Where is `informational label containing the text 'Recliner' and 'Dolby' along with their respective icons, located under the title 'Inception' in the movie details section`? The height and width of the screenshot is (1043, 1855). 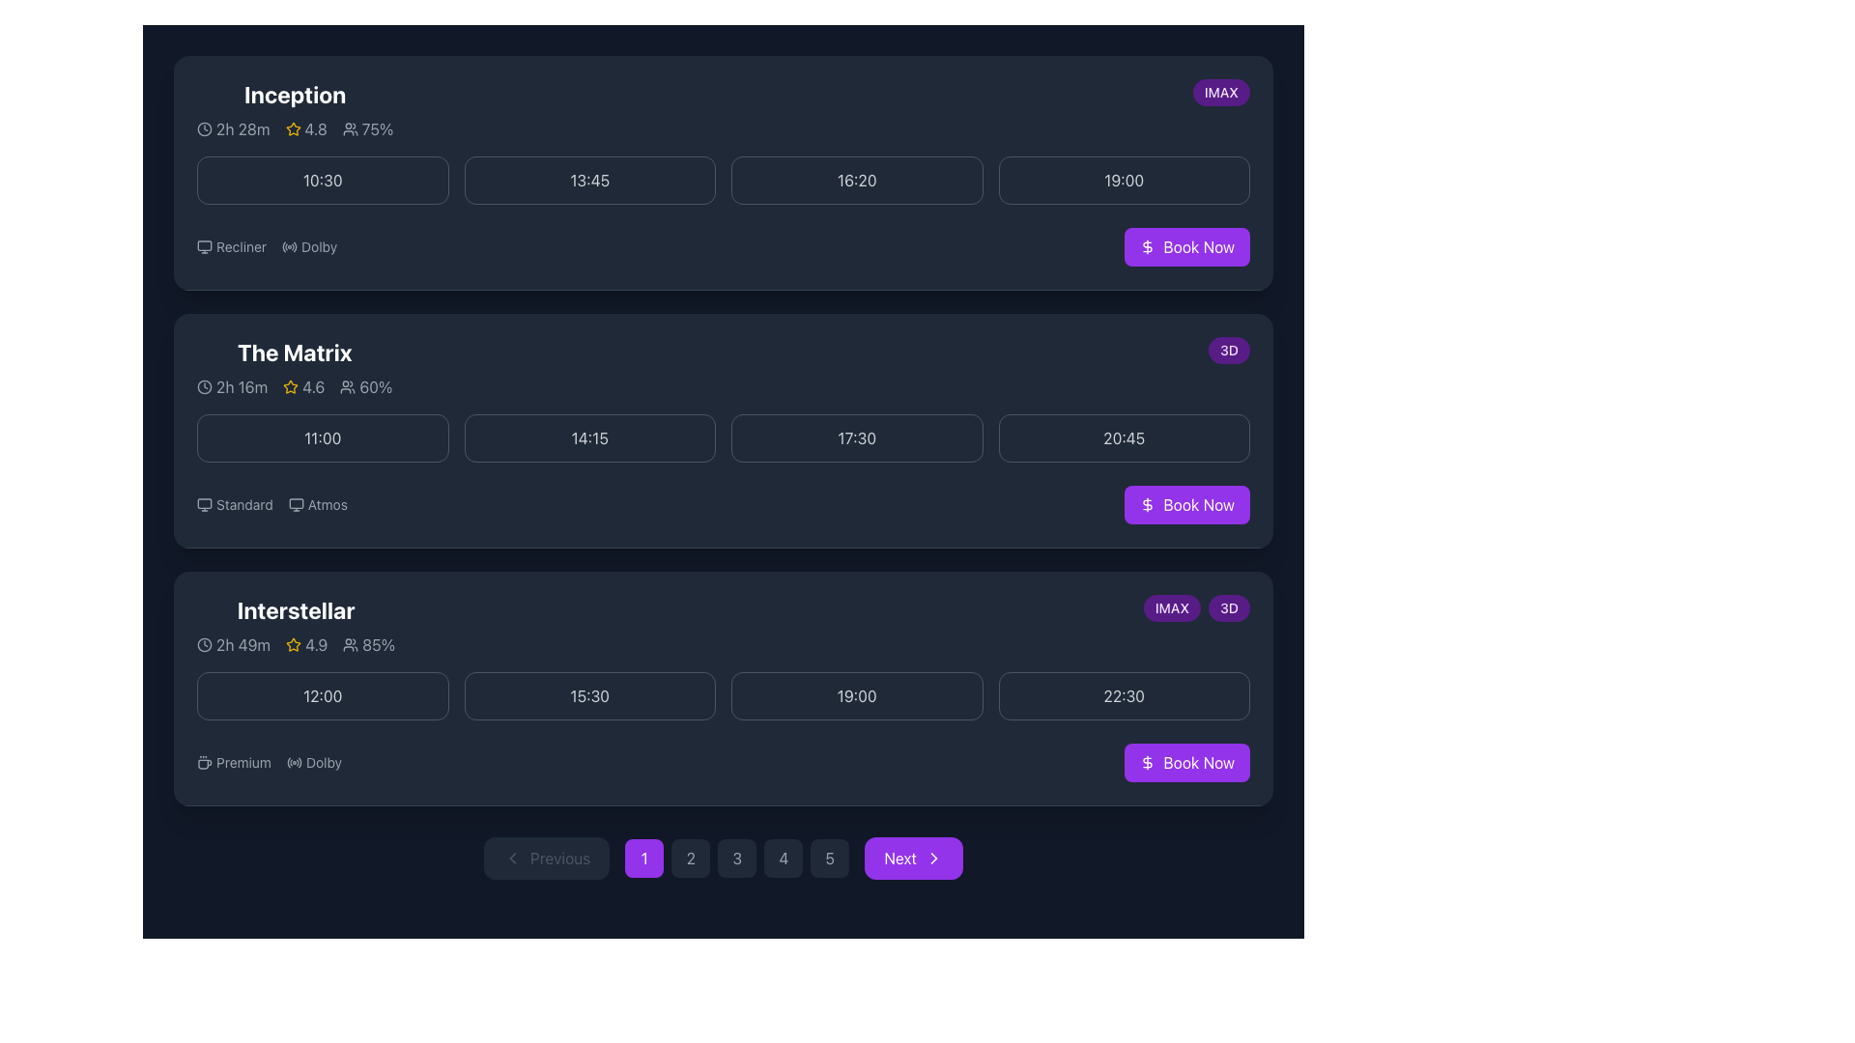 informational label containing the text 'Recliner' and 'Dolby' along with their respective icons, located under the title 'Inception' in the movie details section is located at coordinates (266, 245).